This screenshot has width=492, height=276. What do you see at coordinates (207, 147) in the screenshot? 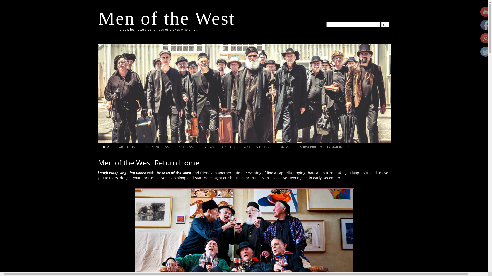
I see `'REVIEWS'` at bounding box center [207, 147].